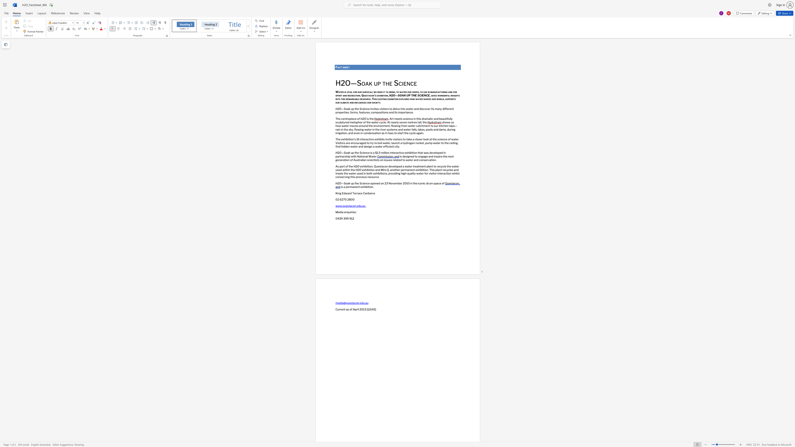 This screenshot has height=447, width=795. Describe the element at coordinates (451, 169) in the screenshot. I see `the subset text "s and treats the water used in both exhibitions, providing high quality w" within the text ", another permanent exhibition. This plant recycles and treats the water used in both exhibitions, providing high quality water for visitor interaction whilst conserving this precious resource."` at that location.